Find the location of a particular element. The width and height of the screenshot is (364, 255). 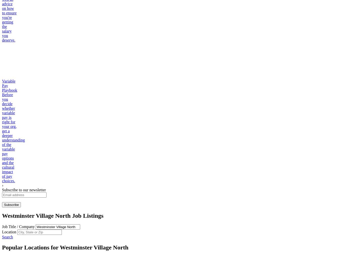

'Enter a valid email address' is located at coordinates (2, 199).